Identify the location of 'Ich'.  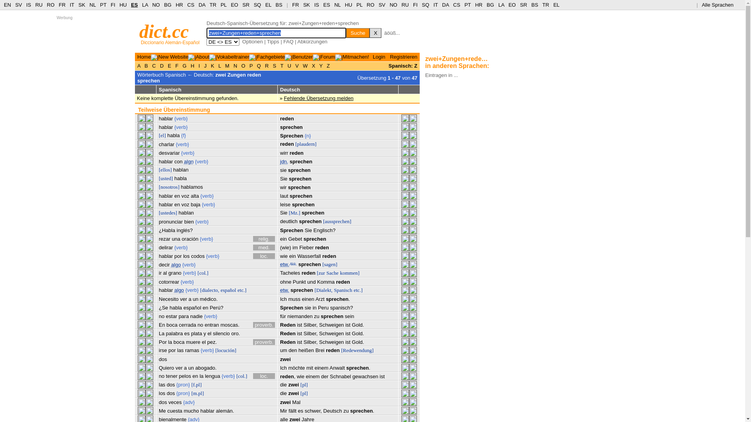
(283, 368).